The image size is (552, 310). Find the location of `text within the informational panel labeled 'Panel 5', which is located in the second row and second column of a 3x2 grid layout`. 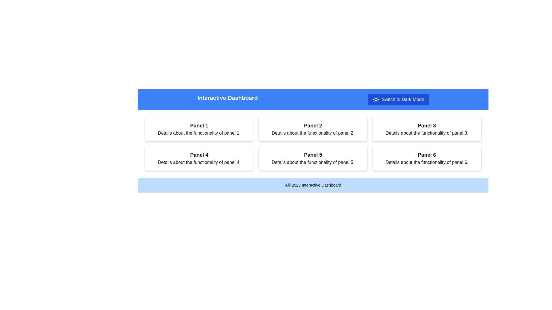

text within the informational panel labeled 'Panel 5', which is located in the second row and second column of a 3x2 grid layout is located at coordinates (313, 158).